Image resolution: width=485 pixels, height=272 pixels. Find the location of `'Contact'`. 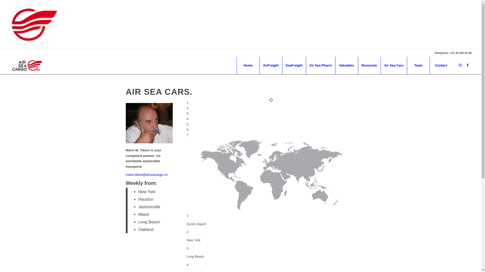

'Contact' is located at coordinates (441, 65).